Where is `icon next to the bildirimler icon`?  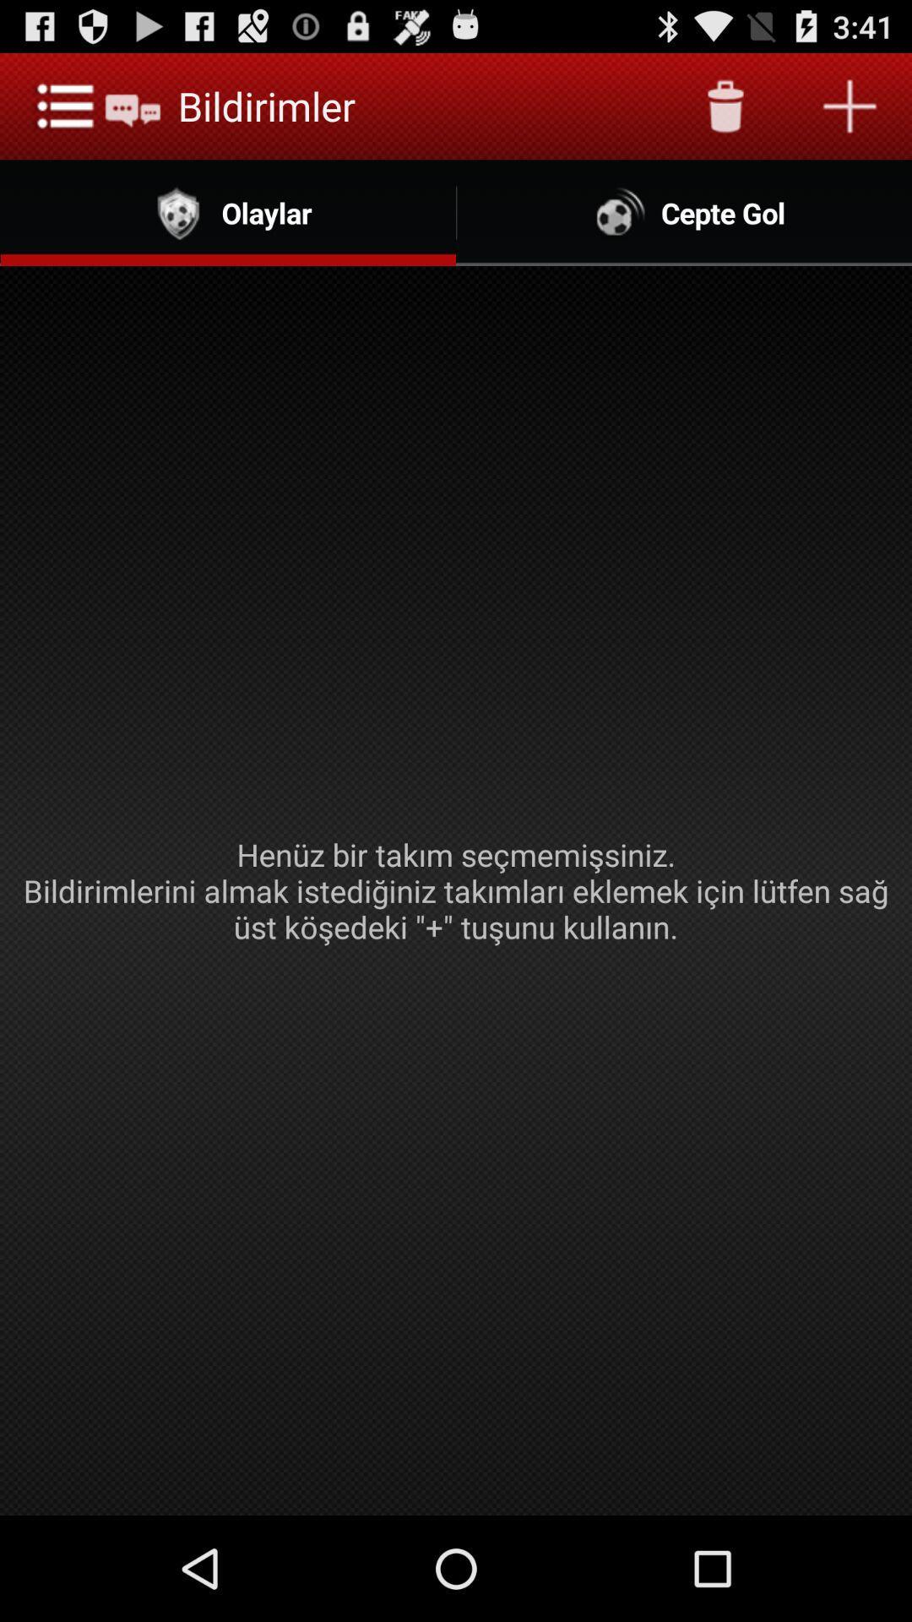
icon next to the bildirimler icon is located at coordinates (725, 105).